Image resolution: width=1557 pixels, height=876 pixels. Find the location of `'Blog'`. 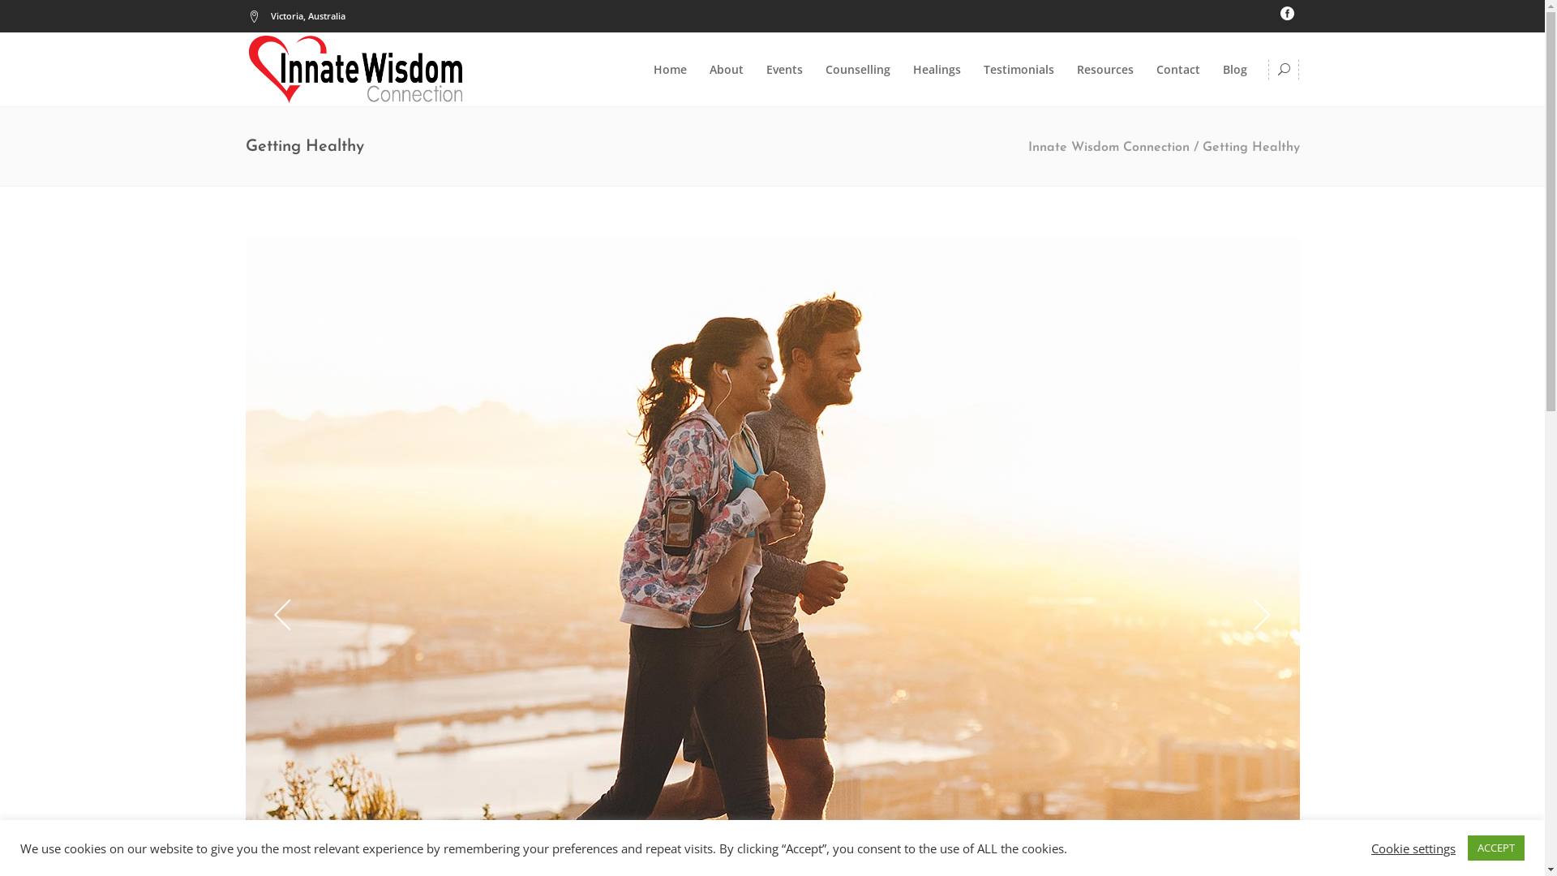

'Blog' is located at coordinates (1233, 68).